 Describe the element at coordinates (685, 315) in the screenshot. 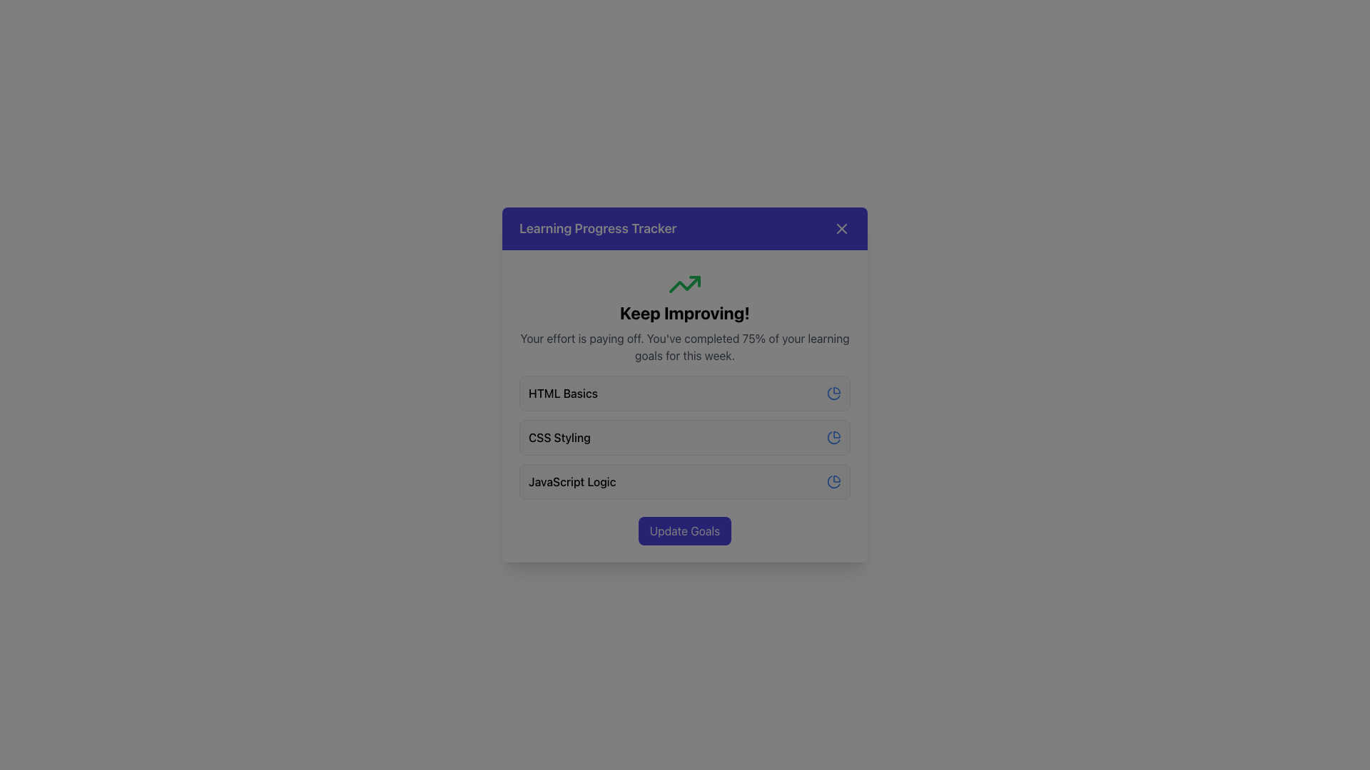

I see `the Informational Display with Icon and Text that informs the user about their progress in completed learning goals` at that location.